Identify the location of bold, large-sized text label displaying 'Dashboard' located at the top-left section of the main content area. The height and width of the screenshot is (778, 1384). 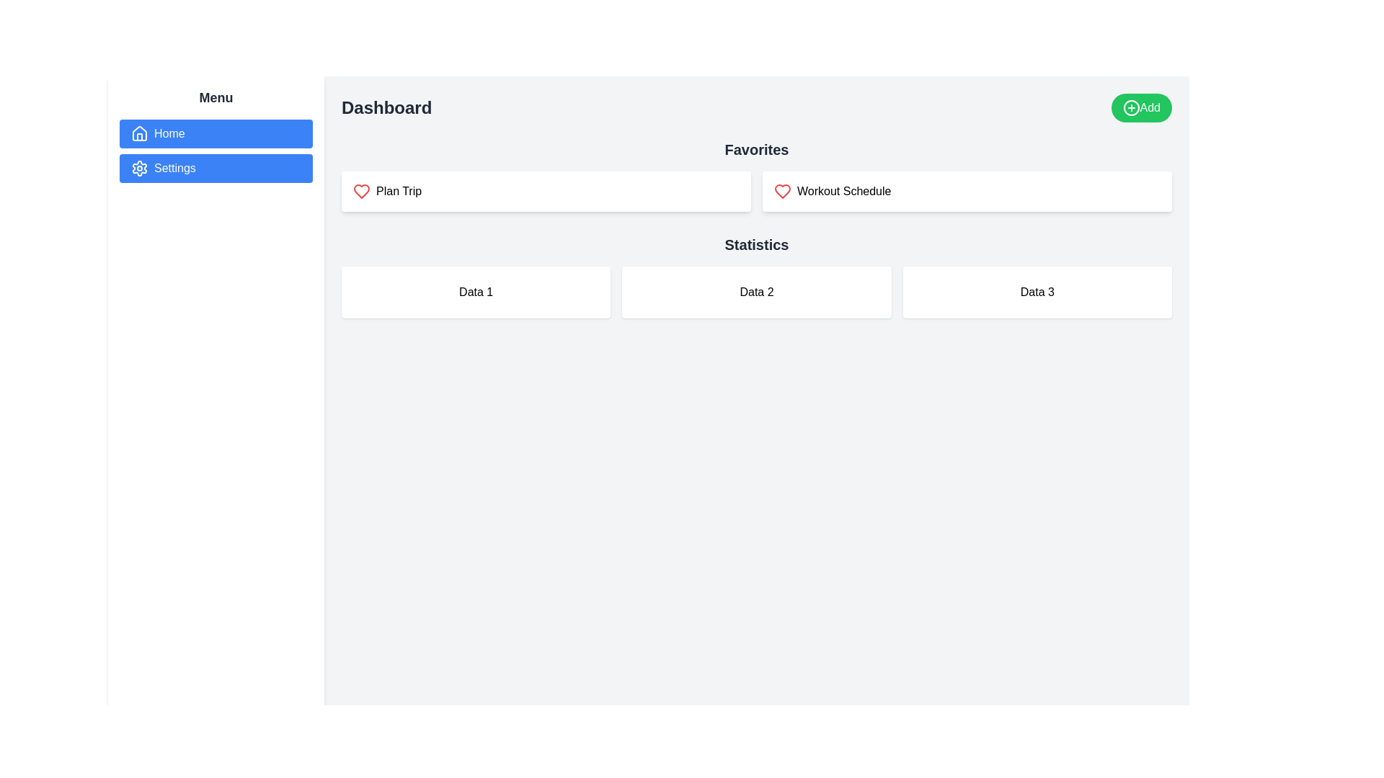
(386, 107).